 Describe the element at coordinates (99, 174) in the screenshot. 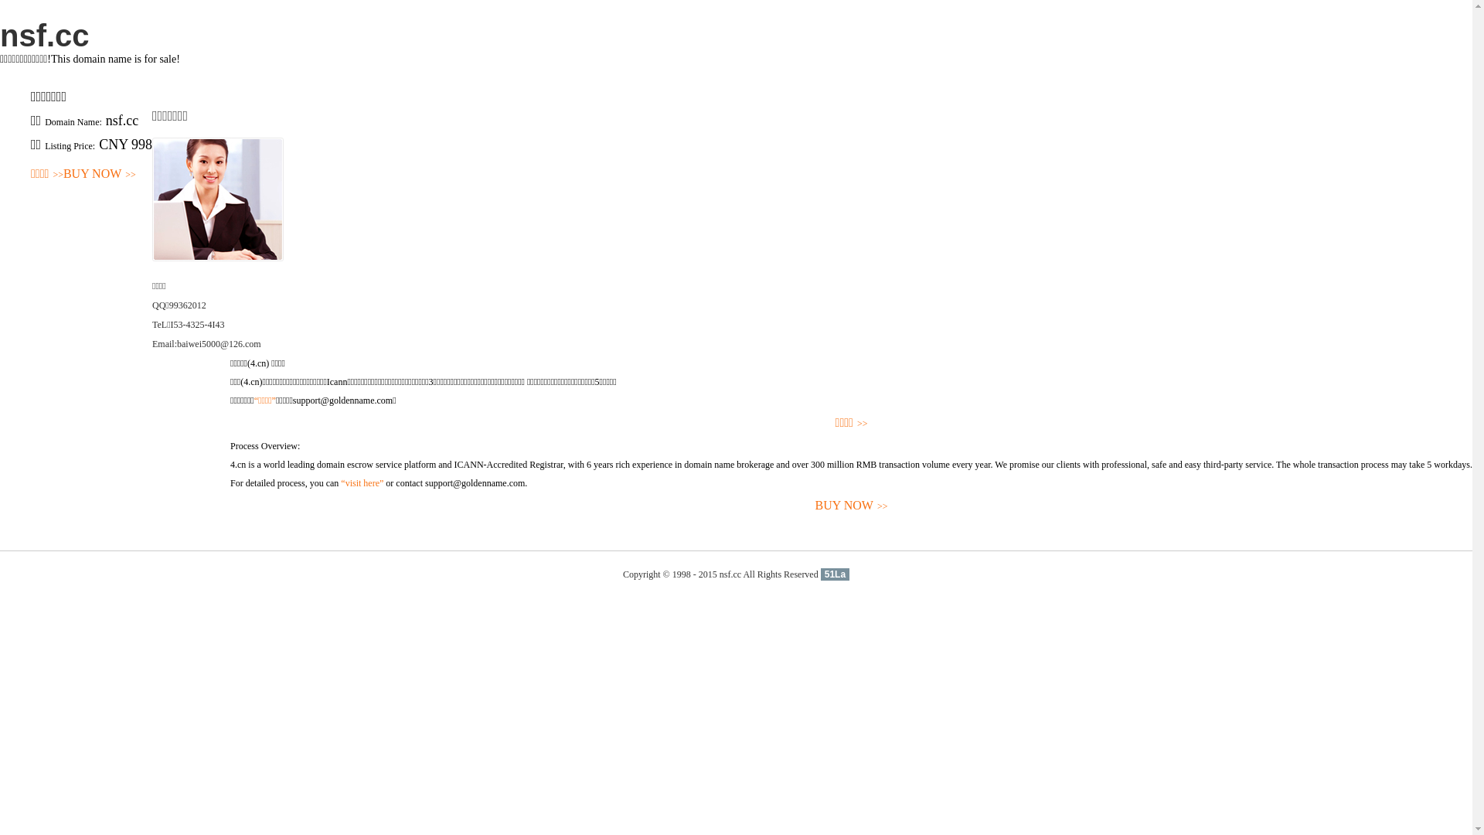

I see `'BUY NOW>>'` at that location.